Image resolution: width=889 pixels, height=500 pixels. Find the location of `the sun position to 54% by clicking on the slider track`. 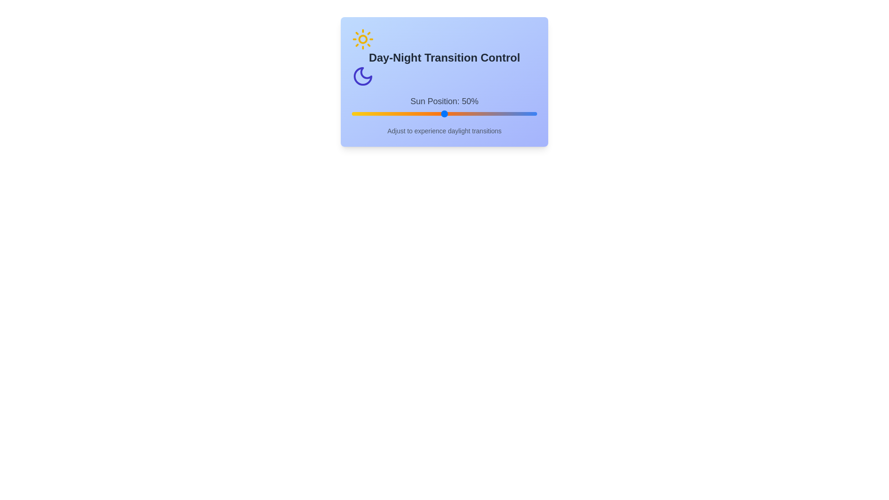

the sun position to 54% by clicking on the slider track is located at coordinates (451, 113).